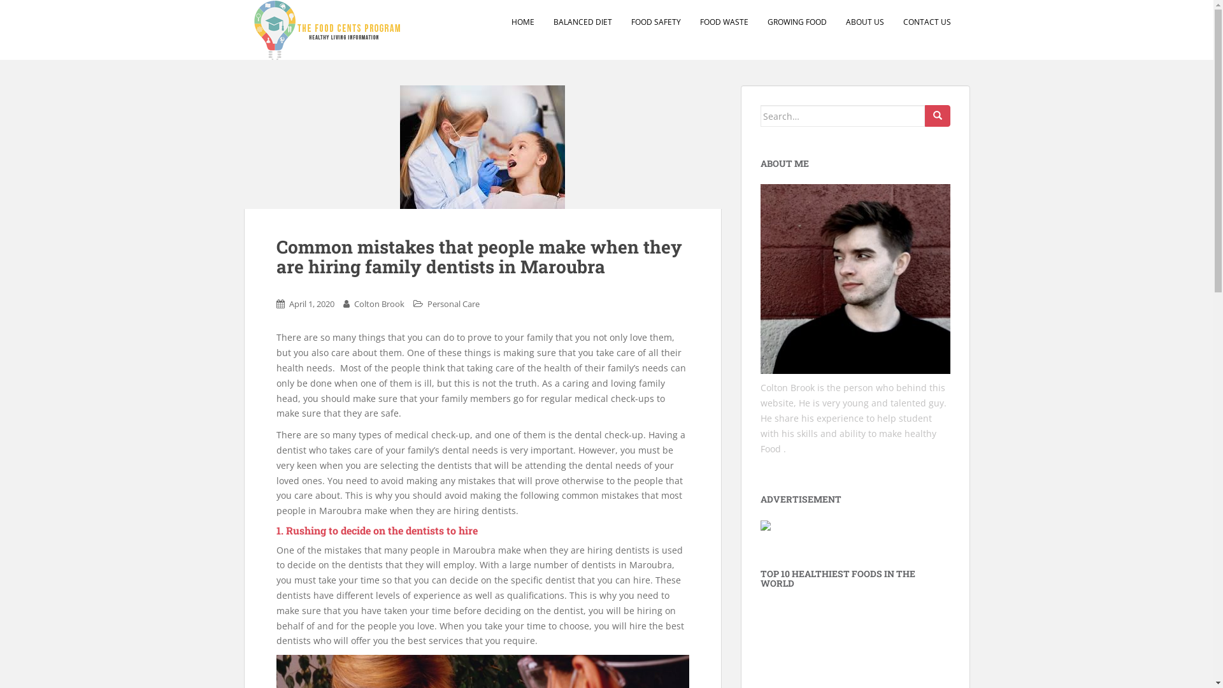 The height and width of the screenshot is (688, 1223). Describe the element at coordinates (927, 22) in the screenshot. I see `'CONTACT US'` at that location.